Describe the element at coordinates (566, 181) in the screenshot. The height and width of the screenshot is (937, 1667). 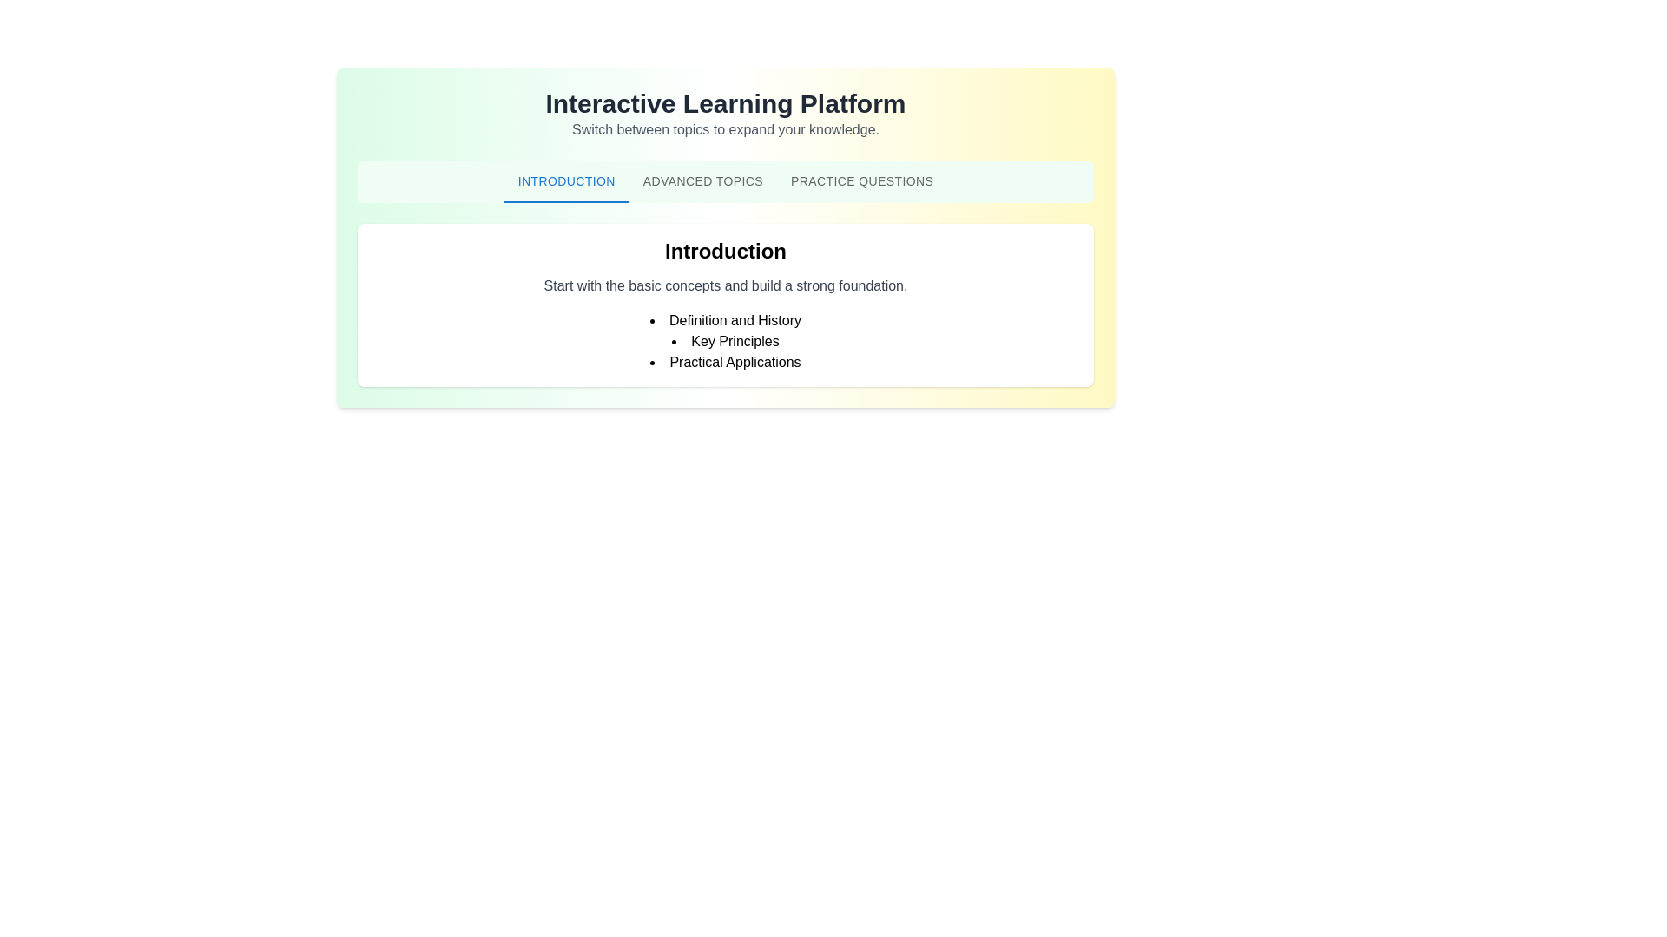
I see `the 'Introduction' tab, which is the first tab in a navigation bar styled with blue text and underline` at that location.